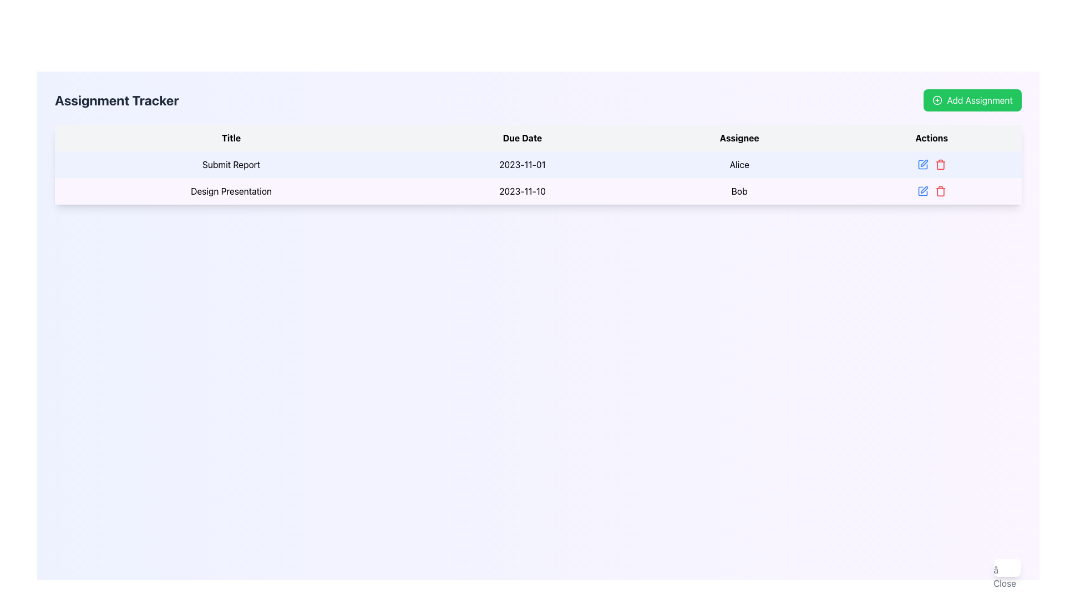  What do you see at coordinates (231, 190) in the screenshot?
I see `the Text Label in the second row of the table under the 'Title' column, which serves as the title or description of a specific task or assignment` at bounding box center [231, 190].